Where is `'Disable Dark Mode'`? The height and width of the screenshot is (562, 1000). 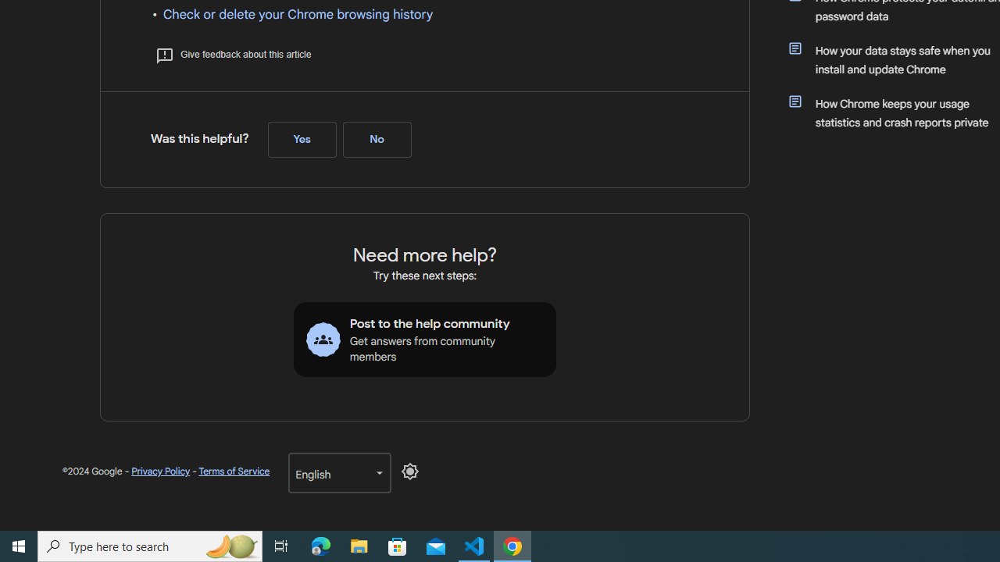 'Disable Dark Mode' is located at coordinates (410, 471).